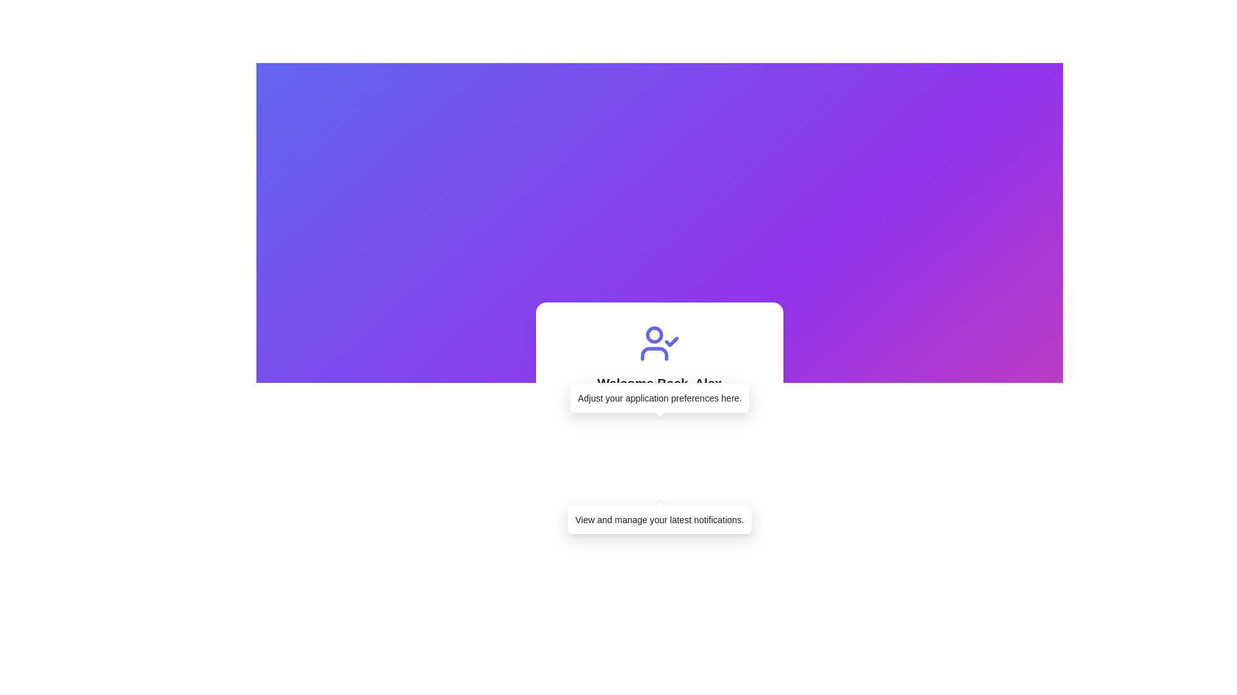 The image size is (1237, 695). I want to click on text content of the text label that displays 'Welcome Back, Alex,' which is a bold and large heading positioned below a person icon and above a smaller text block, so click(659, 383).